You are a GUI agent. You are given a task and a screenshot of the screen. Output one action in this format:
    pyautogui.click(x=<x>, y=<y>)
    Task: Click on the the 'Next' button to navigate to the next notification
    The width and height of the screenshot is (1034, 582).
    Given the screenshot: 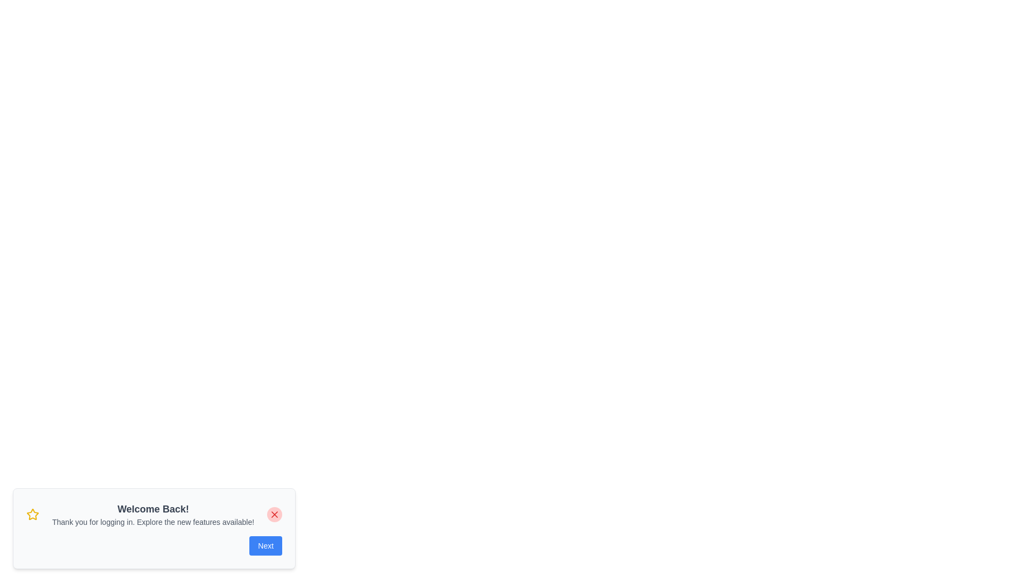 What is the action you would take?
    pyautogui.click(x=266, y=546)
    